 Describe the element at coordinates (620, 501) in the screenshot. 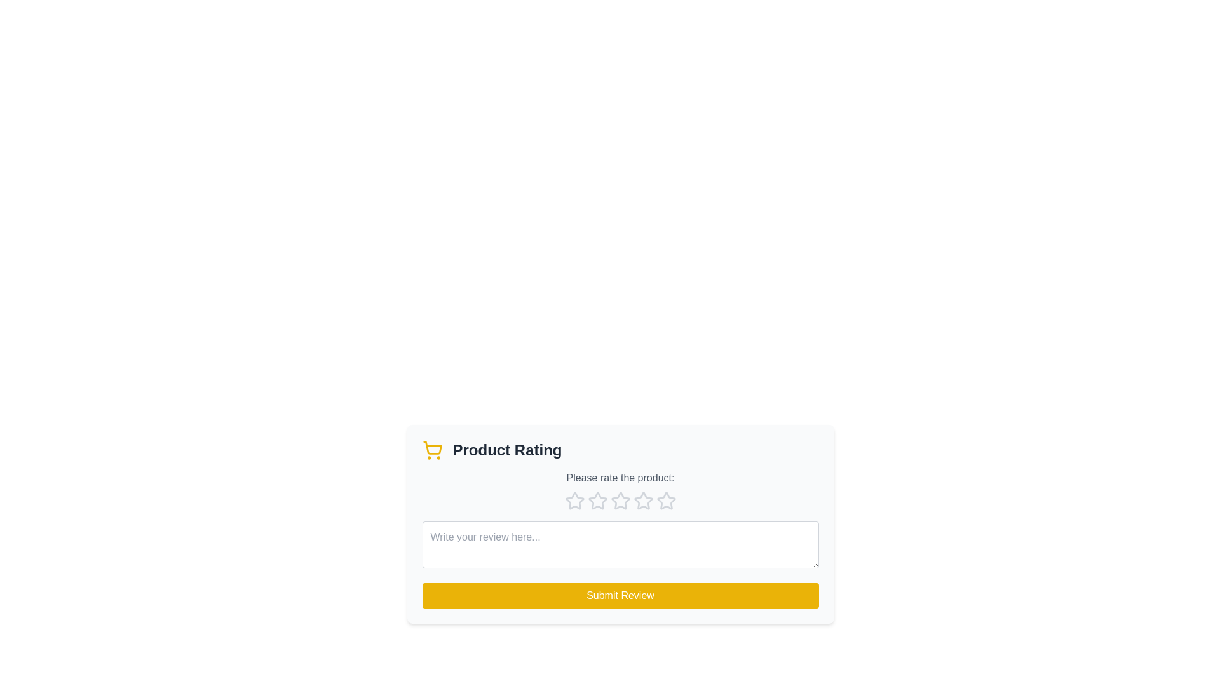

I see `the star icon in the Rating selector component` at that location.